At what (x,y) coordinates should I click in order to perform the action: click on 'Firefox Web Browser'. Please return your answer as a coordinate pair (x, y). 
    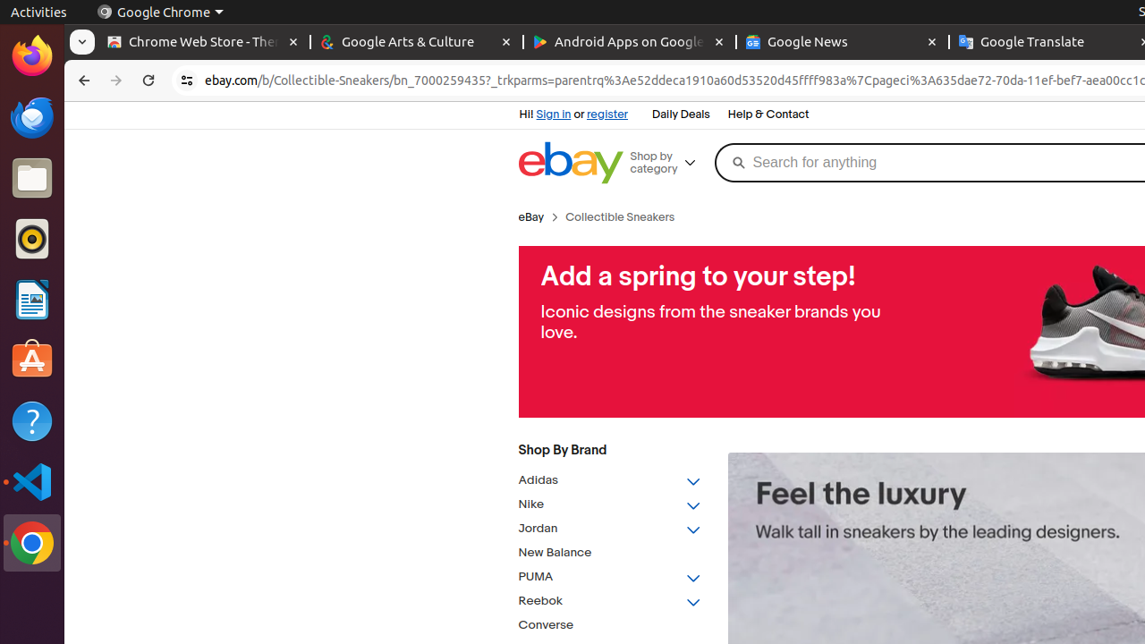
    Looking at the image, I should click on (31, 55).